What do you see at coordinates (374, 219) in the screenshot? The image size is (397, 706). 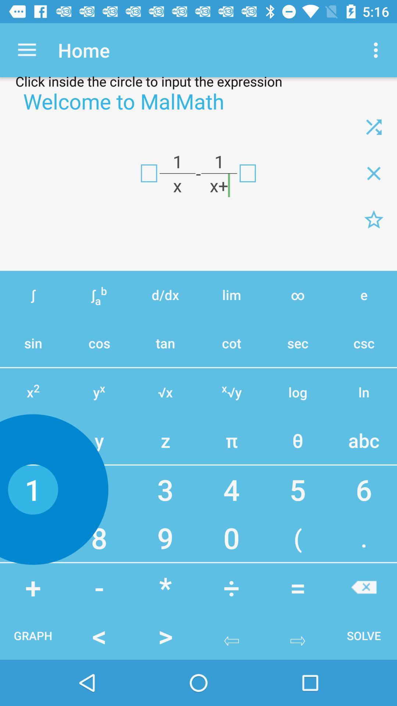 I see `the equation` at bounding box center [374, 219].